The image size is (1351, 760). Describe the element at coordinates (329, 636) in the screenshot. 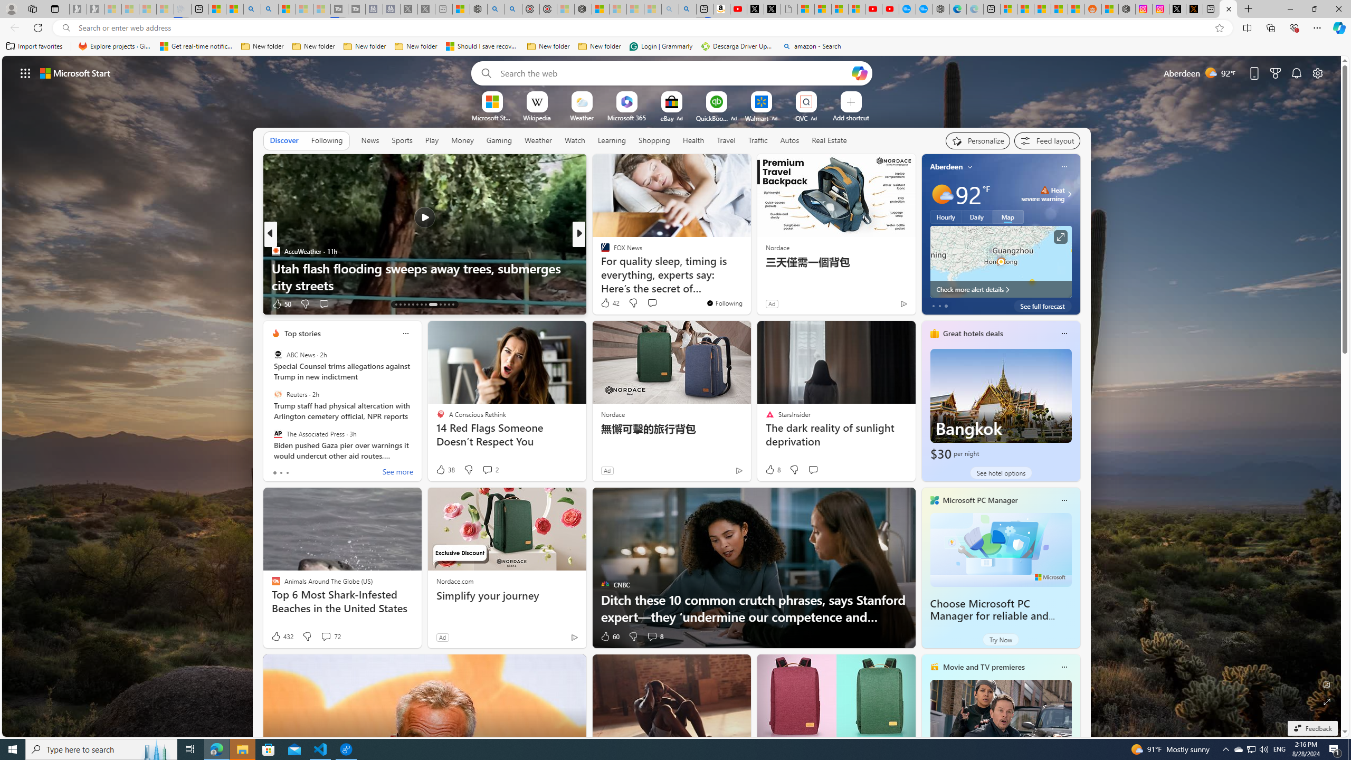

I see `'View comments 72 Comment'` at that location.